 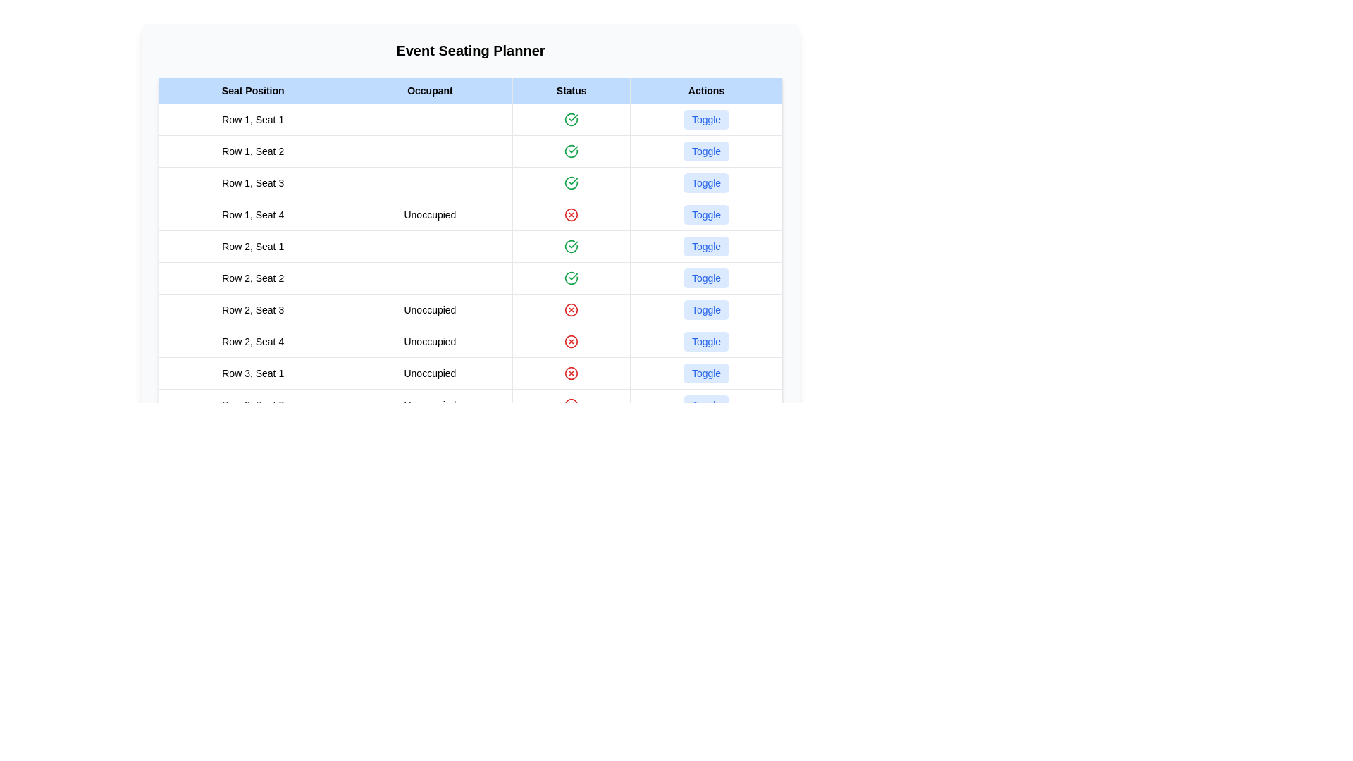 I want to click on the circular green outlined icon with a checkmark indicating a positive status, located in the 'Status' column of the second row in the 'Event Seating Planner' table, so click(x=572, y=151).